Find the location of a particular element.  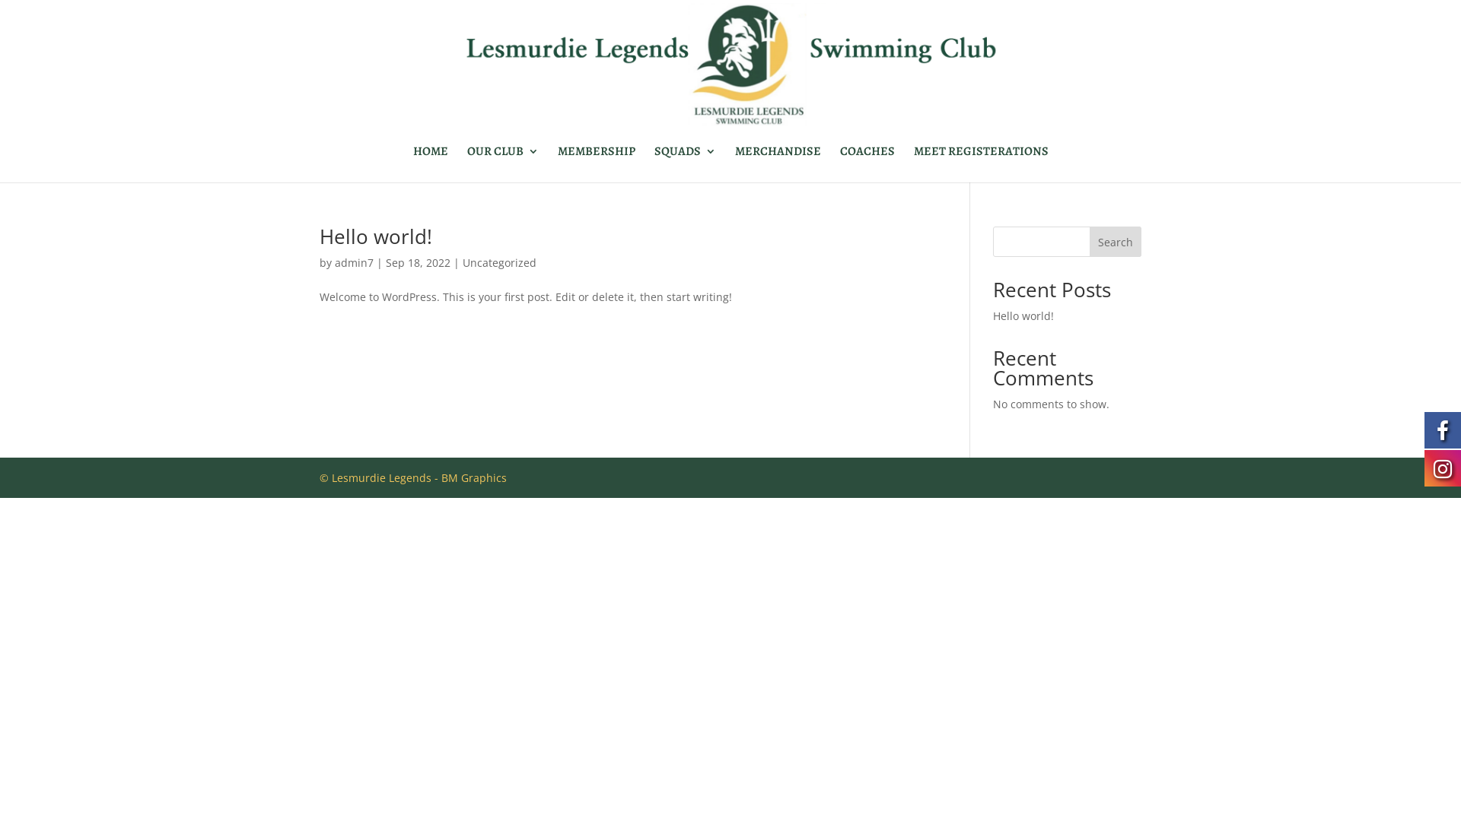

'HOME' is located at coordinates (412, 164).